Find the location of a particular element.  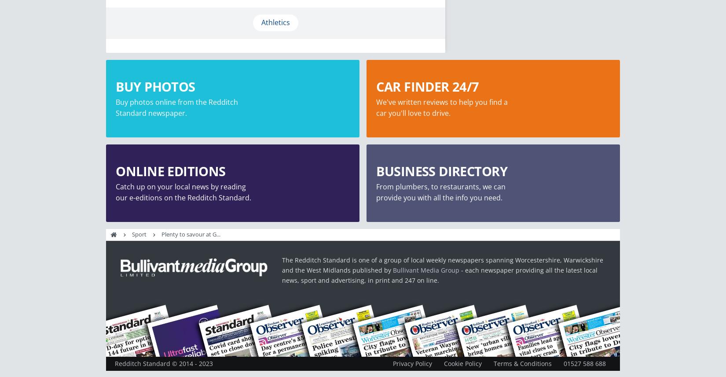

'Terms & Conditions' is located at coordinates (523, 363).